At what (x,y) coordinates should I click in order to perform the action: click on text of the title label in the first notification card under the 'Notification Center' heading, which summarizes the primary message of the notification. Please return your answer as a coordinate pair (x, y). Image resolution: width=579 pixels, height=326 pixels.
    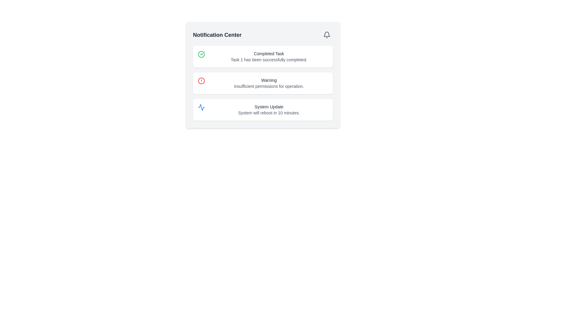
    Looking at the image, I should click on (269, 53).